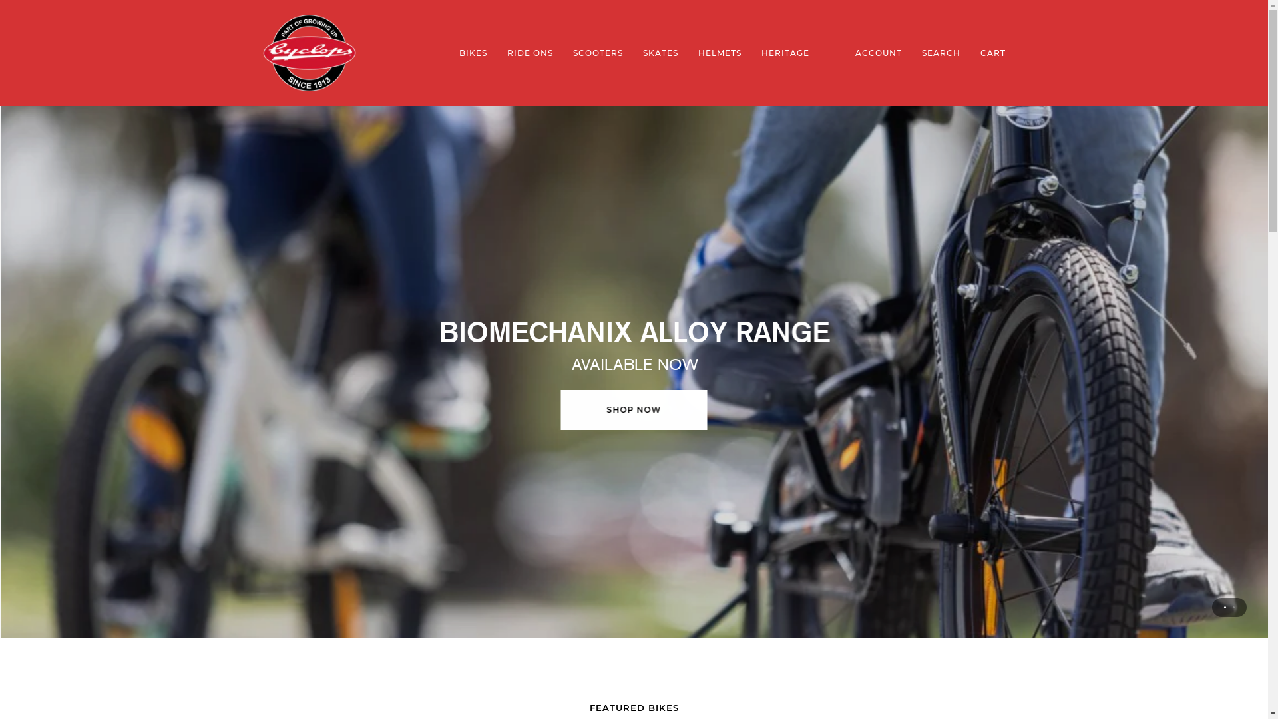  I want to click on 'HERITAGE', so click(785, 52).